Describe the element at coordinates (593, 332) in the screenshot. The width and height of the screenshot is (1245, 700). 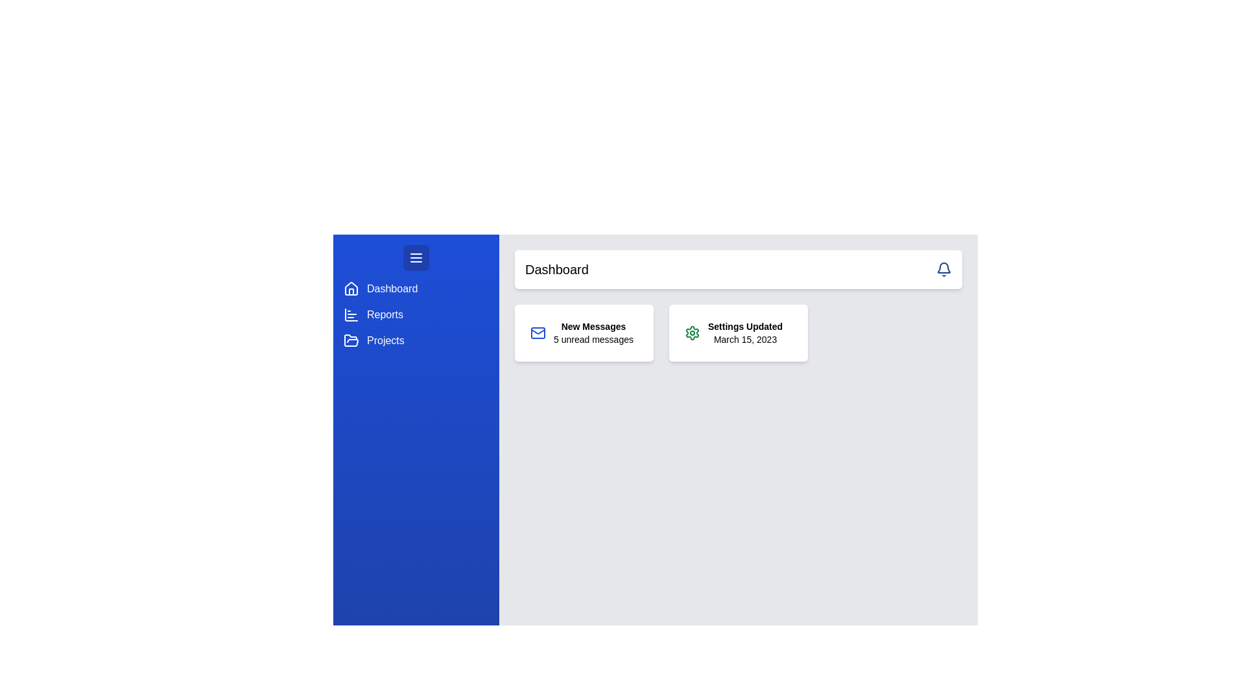
I see `the 'New Messages' static text element, which displays '5 unread messages' below it, located within a white rectangular card on the left side of the main dashboard area` at that location.